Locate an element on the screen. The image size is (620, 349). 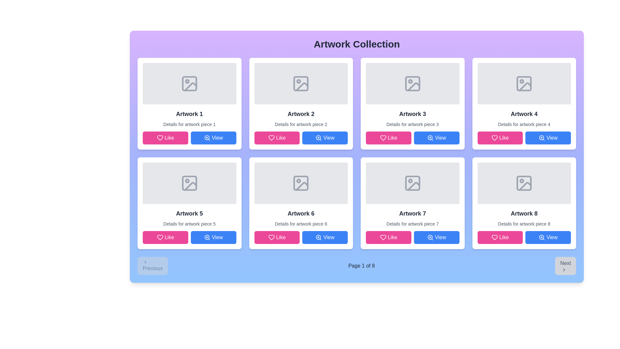
the zoom or detail view icon within the magnifying glass graphic located below the 'Artwork 2' card without direct interaction is located at coordinates (318, 137).